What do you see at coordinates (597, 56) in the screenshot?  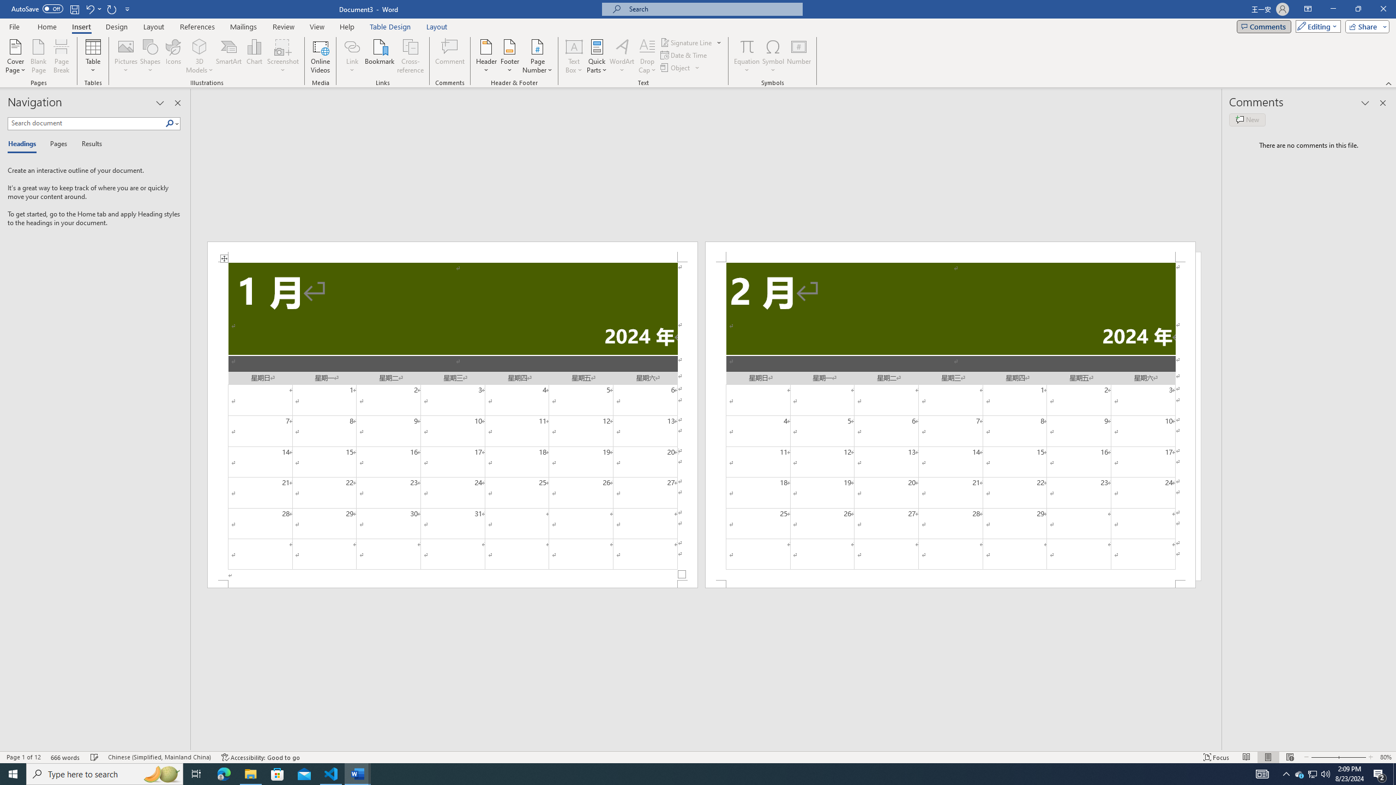 I see `'Quick Parts'` at bounding box center [597, 56].